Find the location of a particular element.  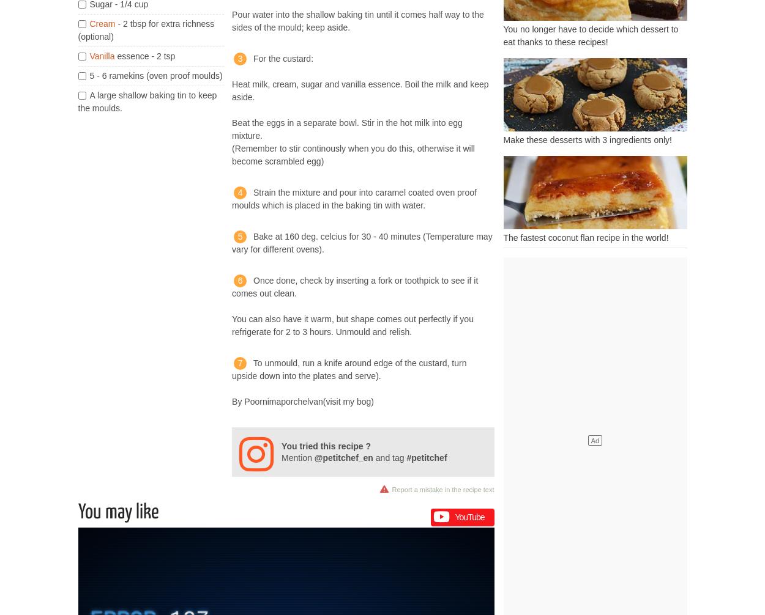

'Tube' is located at coordinates (476, 516).